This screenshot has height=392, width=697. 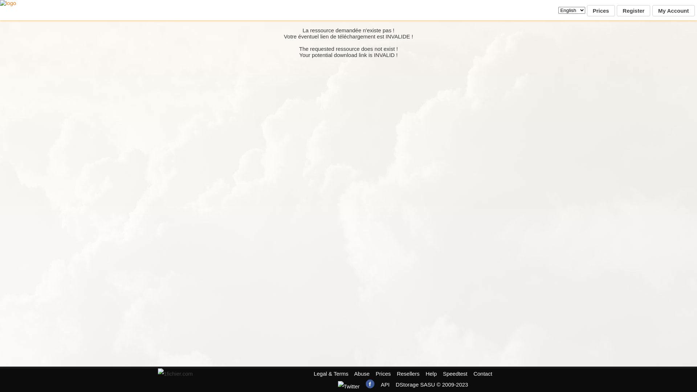 I want to click on 'Prices', so click(x=383, y=373).